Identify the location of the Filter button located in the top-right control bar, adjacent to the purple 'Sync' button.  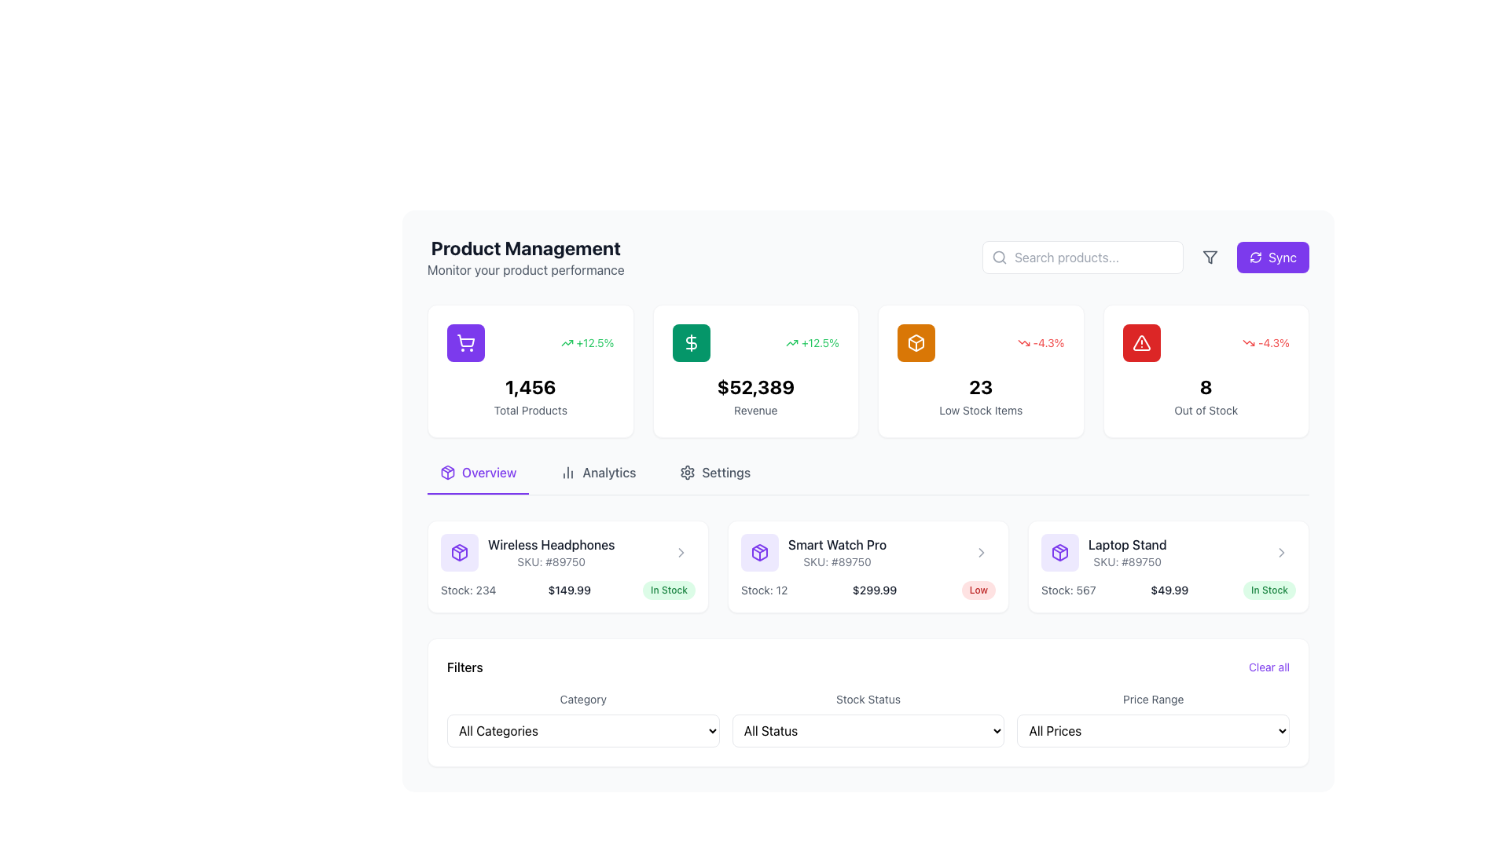
(1210, 256).